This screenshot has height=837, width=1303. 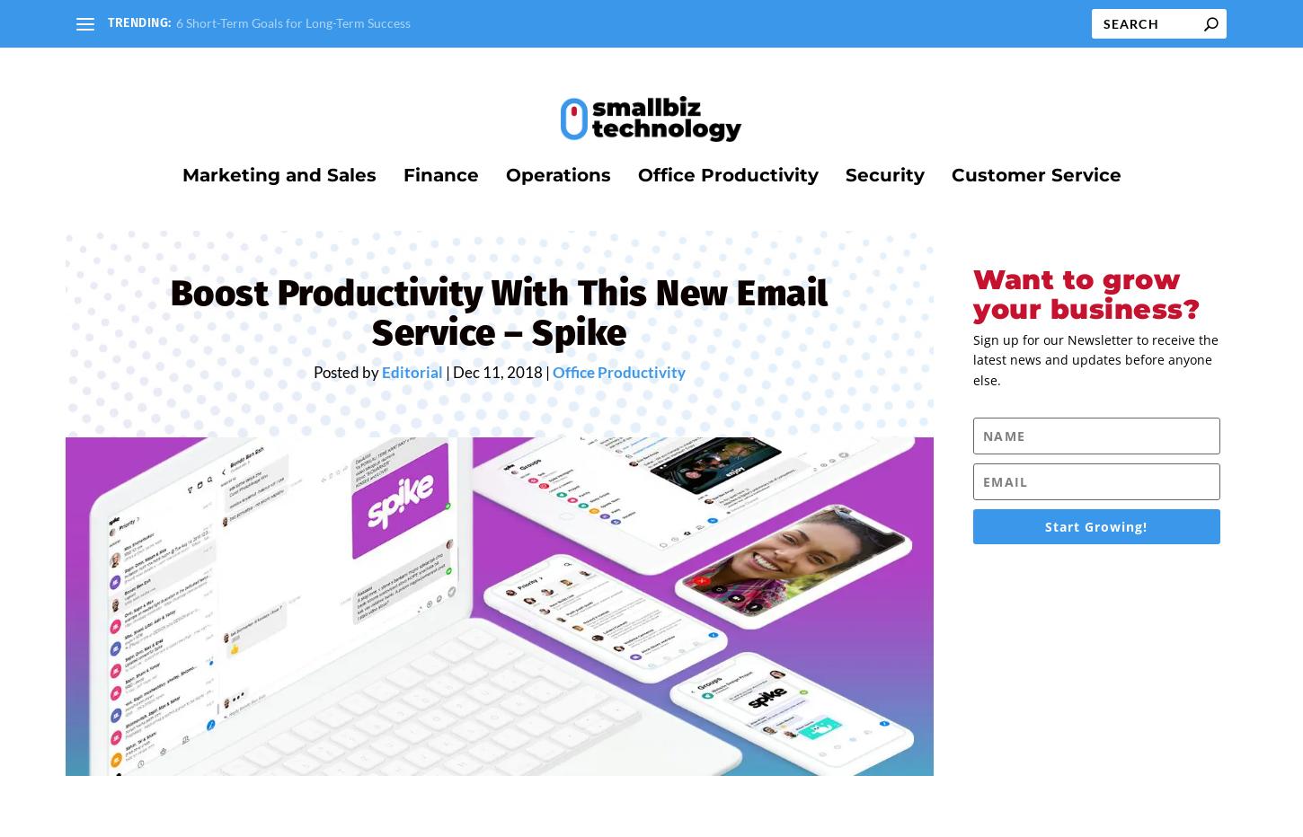 I want to click on 'Finance', so click(x=439, y=163).